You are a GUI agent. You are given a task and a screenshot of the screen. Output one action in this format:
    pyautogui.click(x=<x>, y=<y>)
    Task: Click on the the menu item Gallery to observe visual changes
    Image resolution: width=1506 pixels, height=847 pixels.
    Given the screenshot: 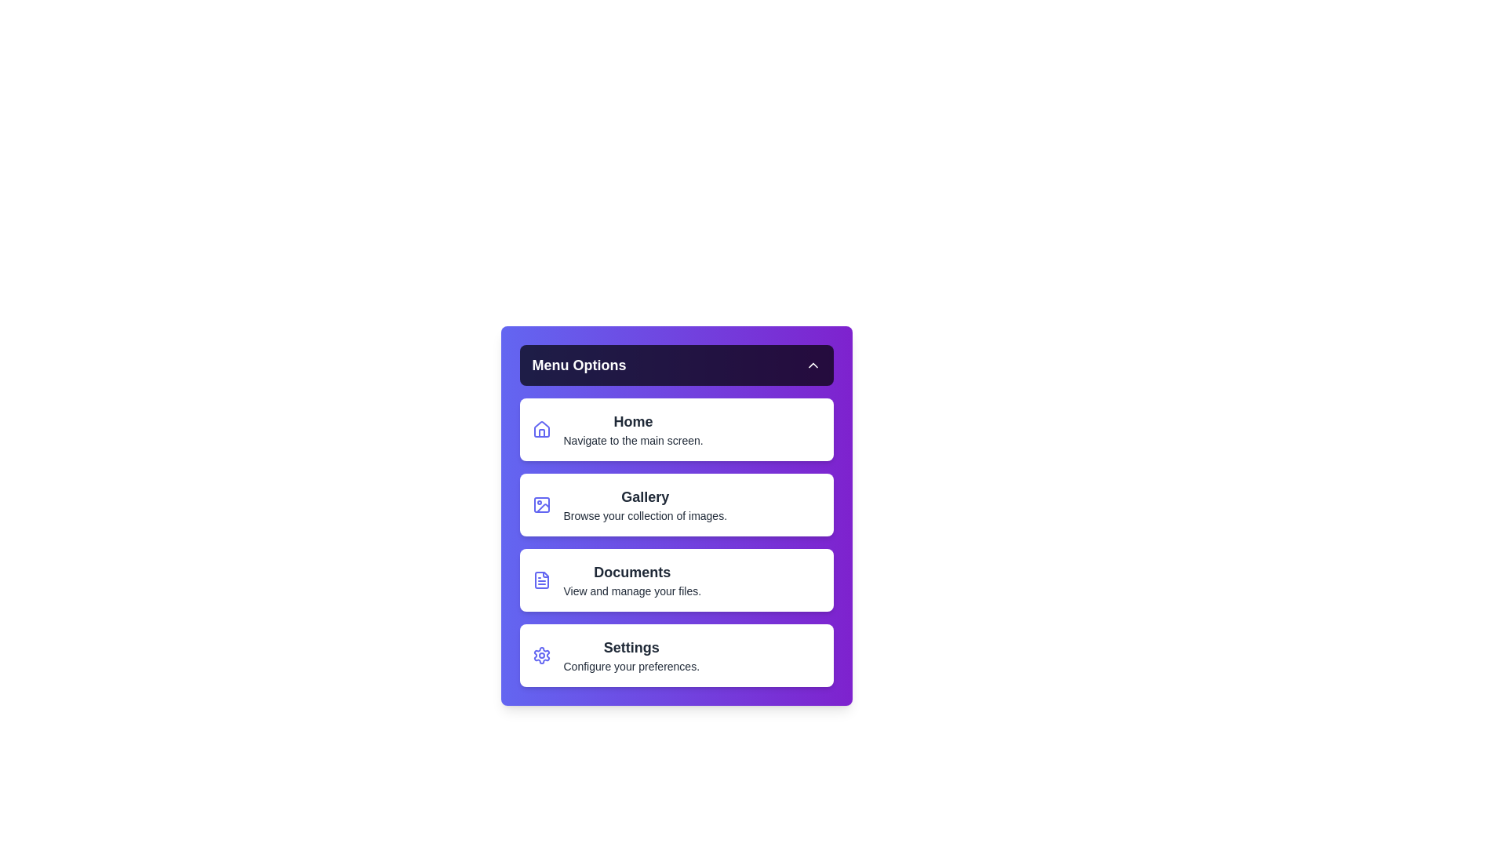 What is the action you would take?
    pyautogui.click(x=676, y=505)
    